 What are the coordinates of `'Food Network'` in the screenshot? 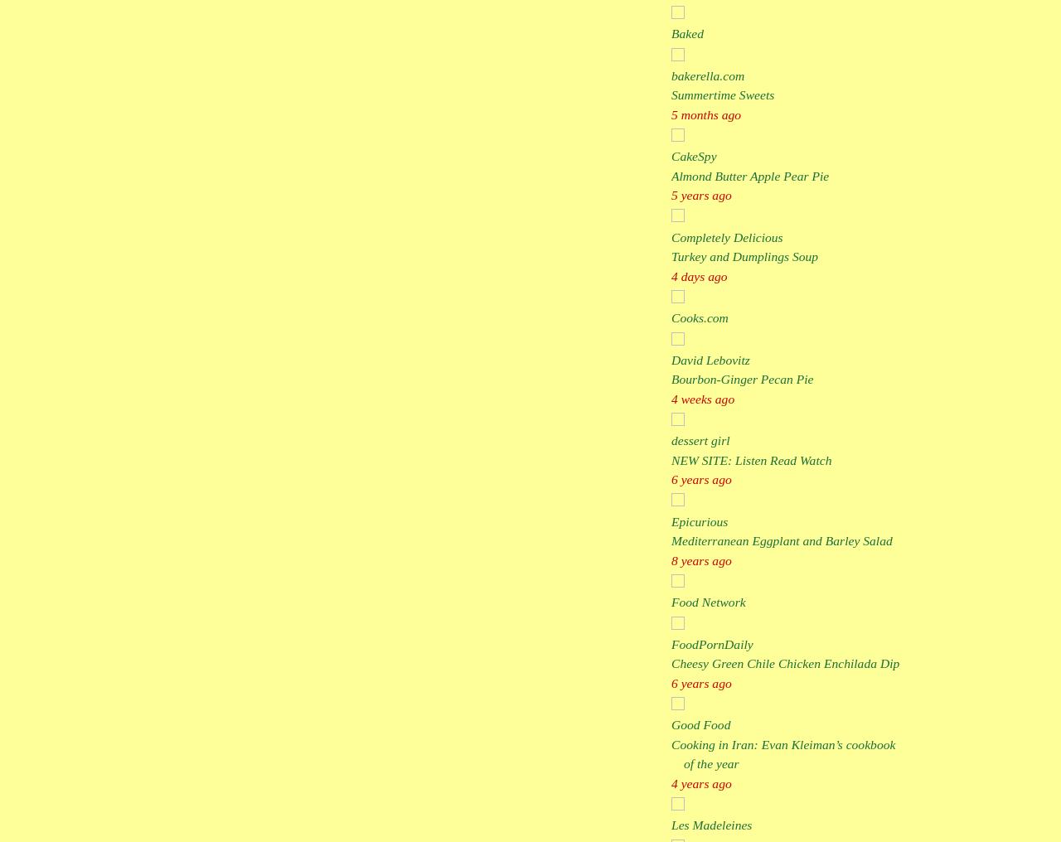 It's located at (708, 602).